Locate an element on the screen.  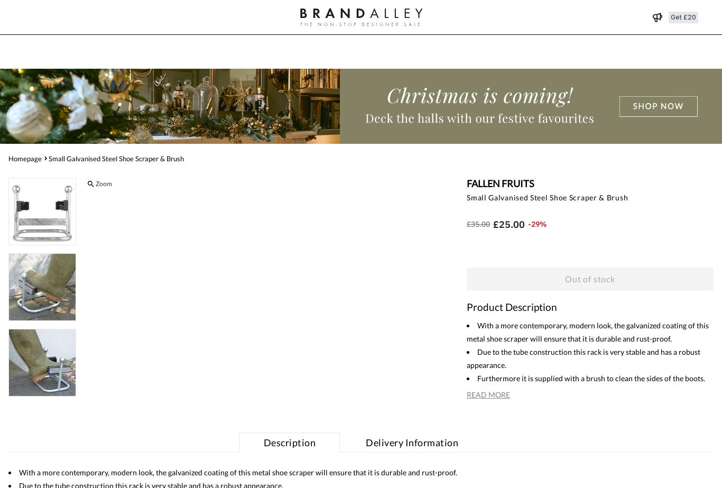
'Christmas' is located at coordinates (273, 52).